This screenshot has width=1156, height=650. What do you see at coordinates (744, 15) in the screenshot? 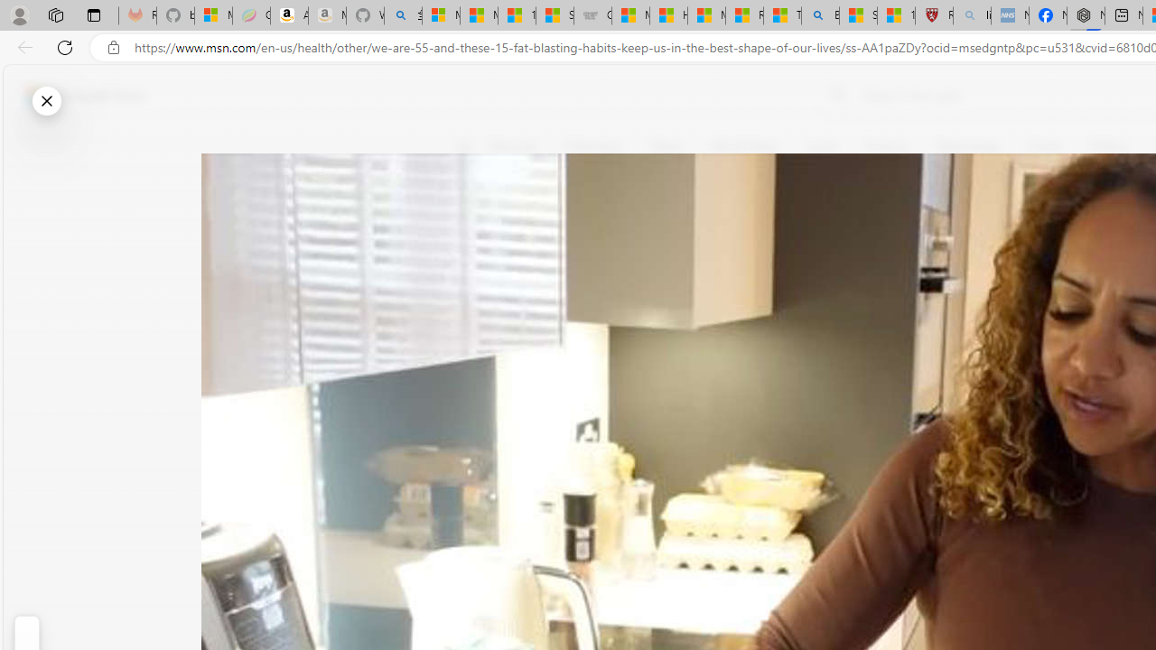
I see `'Recipes - MSN'` at bounding box center [744, 15].